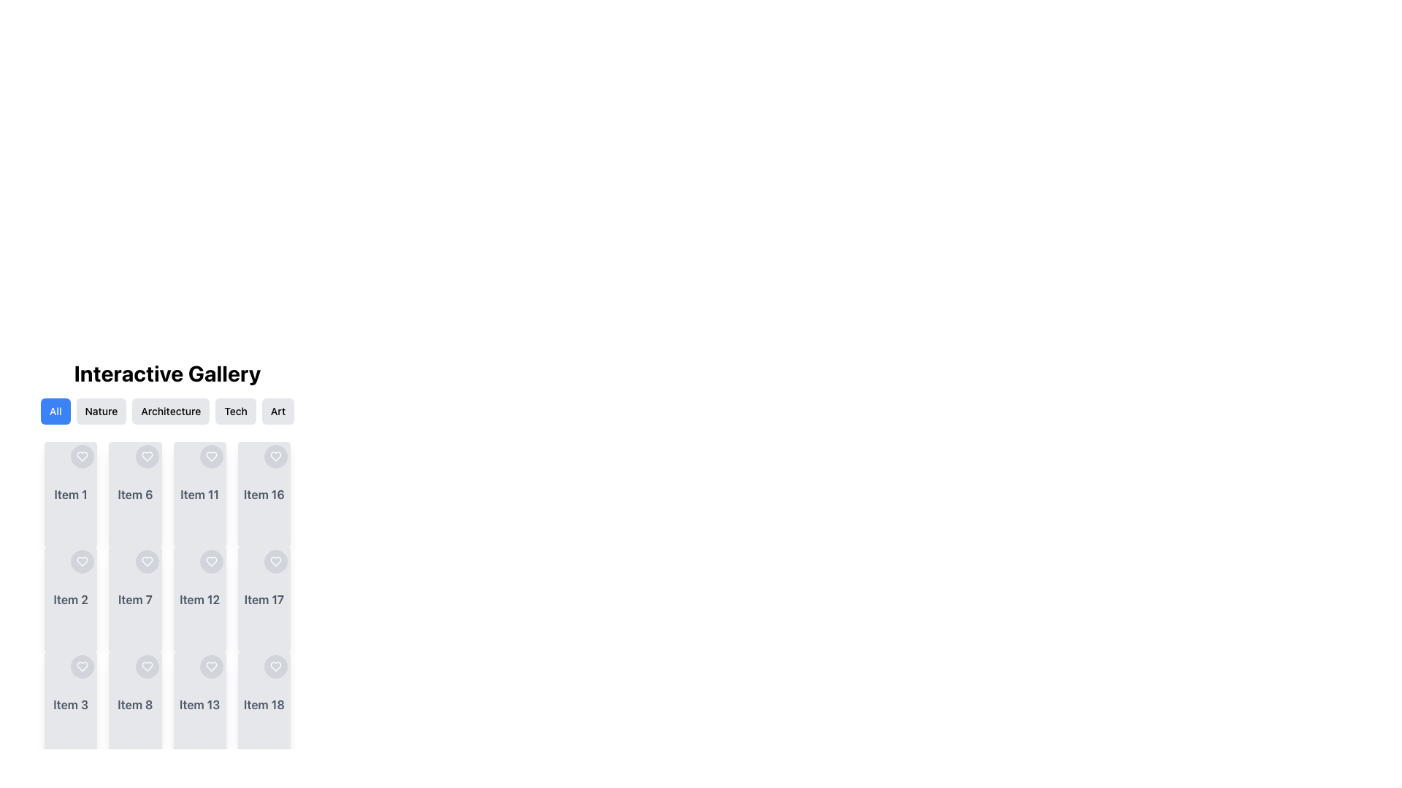  I want to click on the text label identifying the card as 'Item 18' located in the fourth column of the grid layout, so click(264, 703).